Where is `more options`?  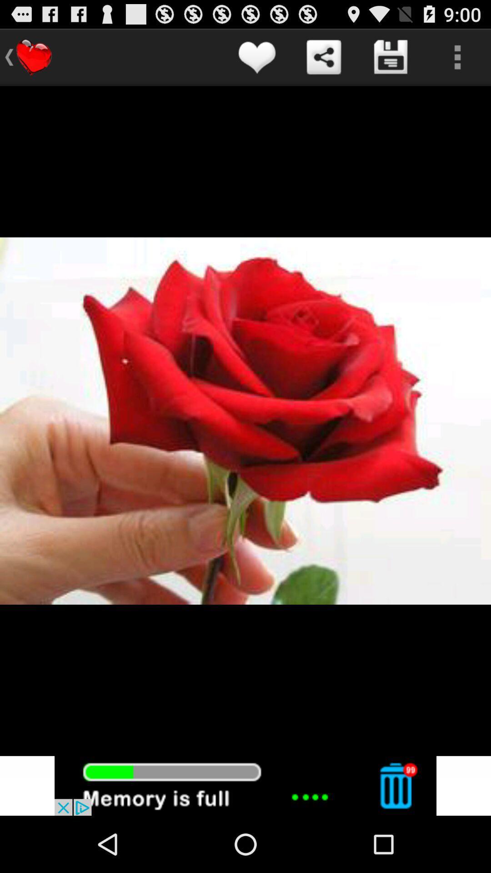
more options is located at coordinates (457, 56).